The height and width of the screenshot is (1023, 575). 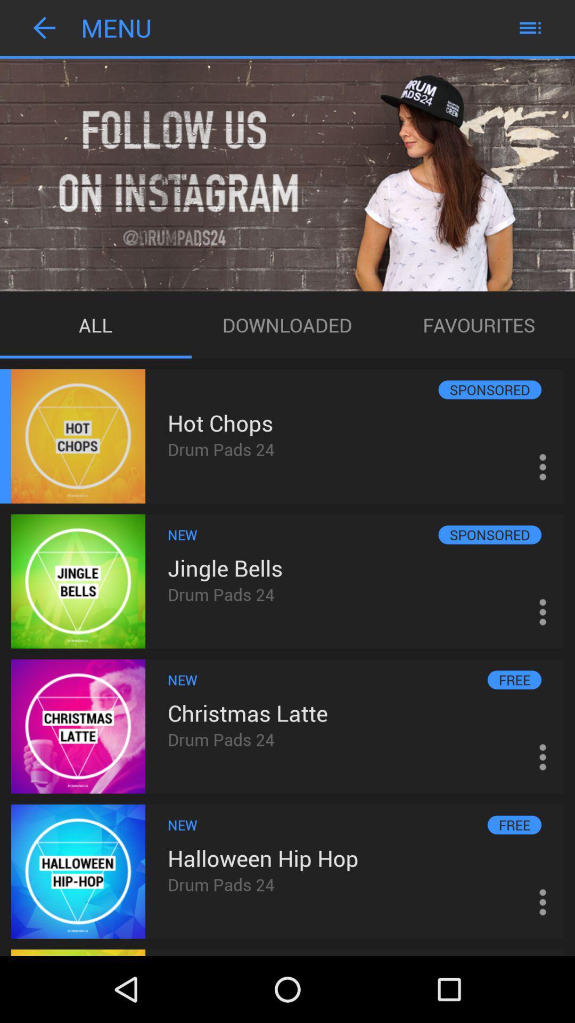 I want to click on the list icon, so click(x=530, y=30).